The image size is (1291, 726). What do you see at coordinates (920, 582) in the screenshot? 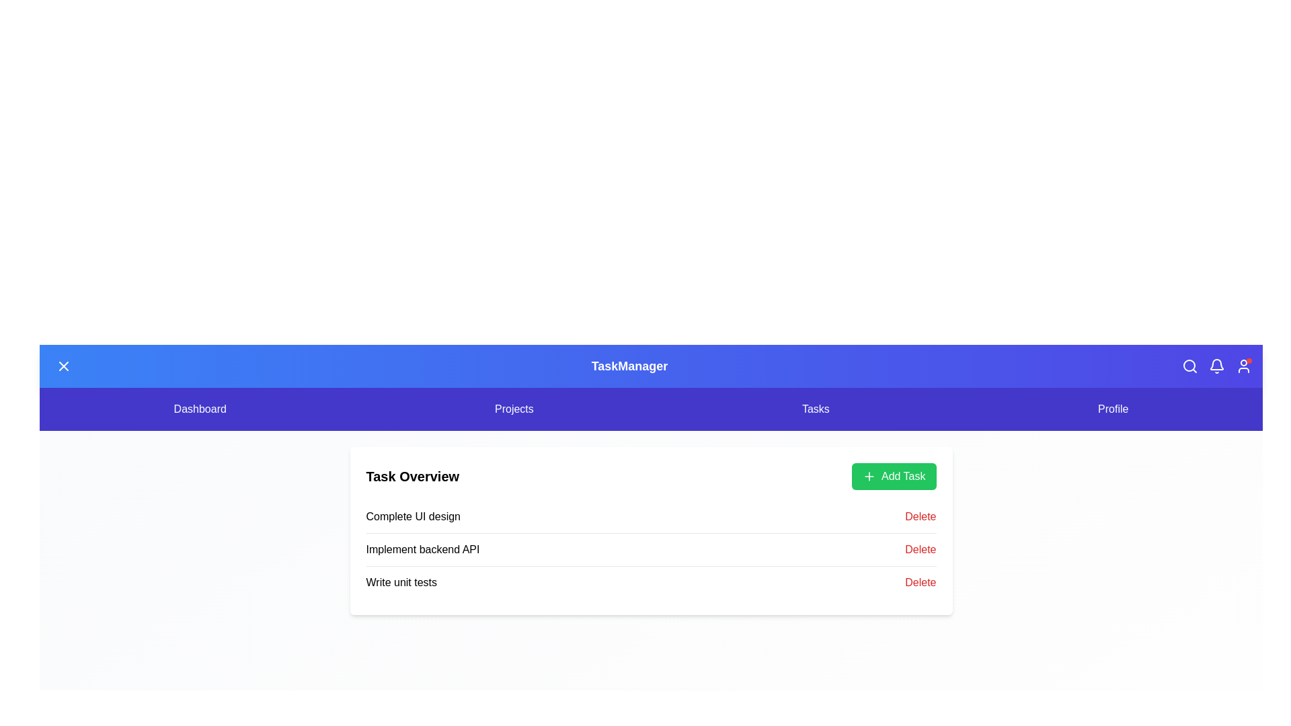
I see `the delete button for the task Write unit tests` at bounding box center [920, 582].